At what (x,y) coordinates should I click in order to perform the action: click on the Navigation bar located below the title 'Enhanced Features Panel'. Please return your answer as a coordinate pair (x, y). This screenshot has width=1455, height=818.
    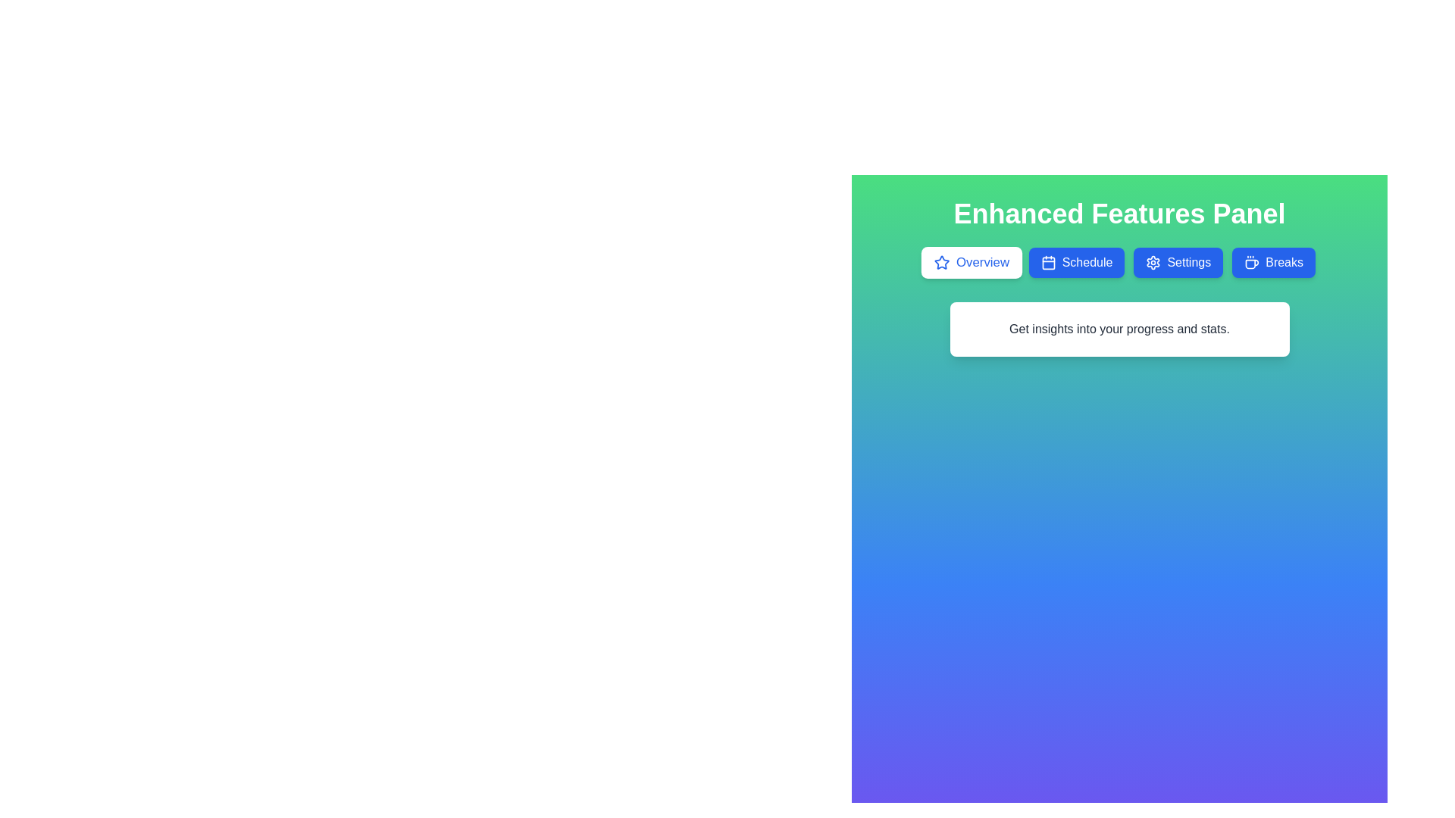
    Looking at the image, I should click on (1119, 262).